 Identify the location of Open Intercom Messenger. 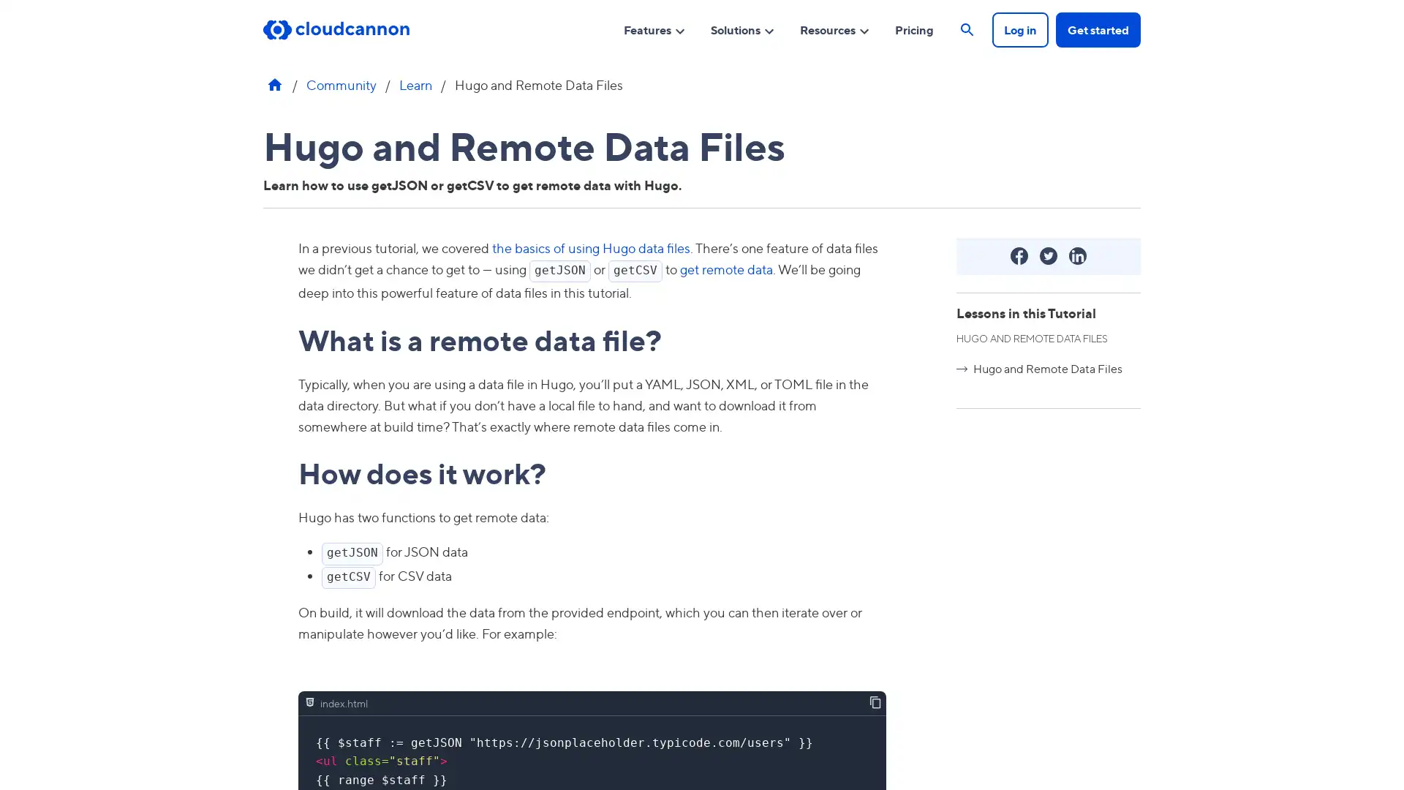
(1367, 753).